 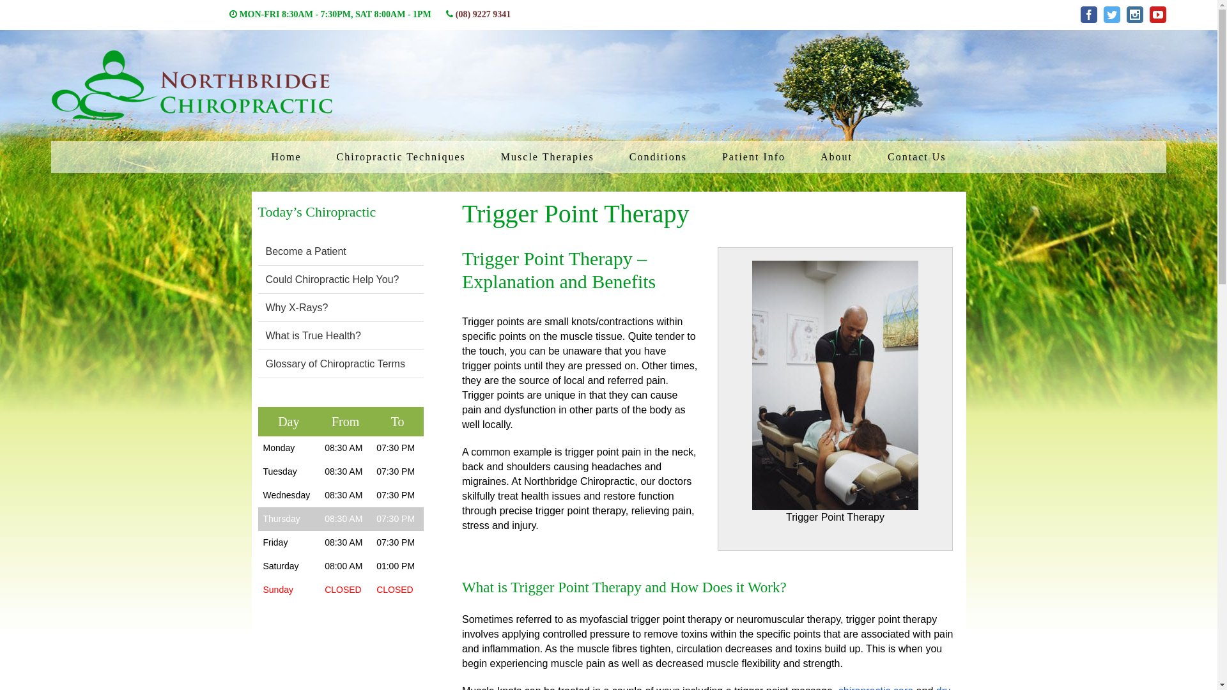 I want to click on '(08) 9227 9341', so click(x=482, y=14).